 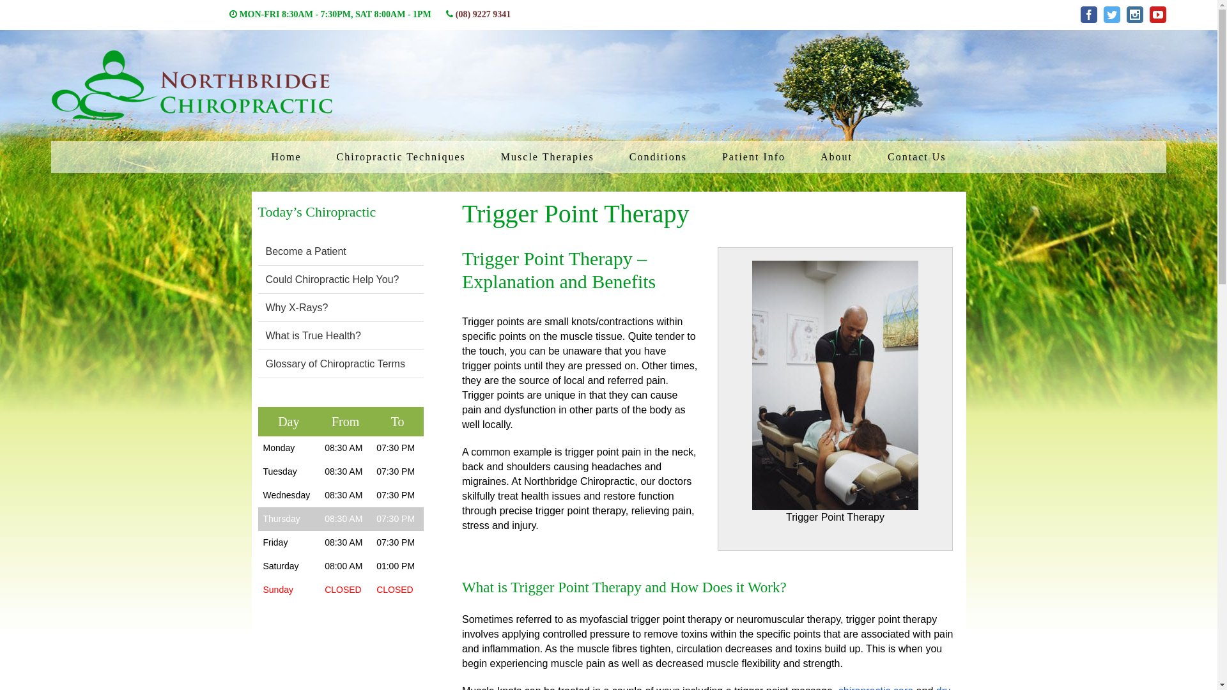 I want to click on '(08) 9227 9341', so click(x=482, y=14).